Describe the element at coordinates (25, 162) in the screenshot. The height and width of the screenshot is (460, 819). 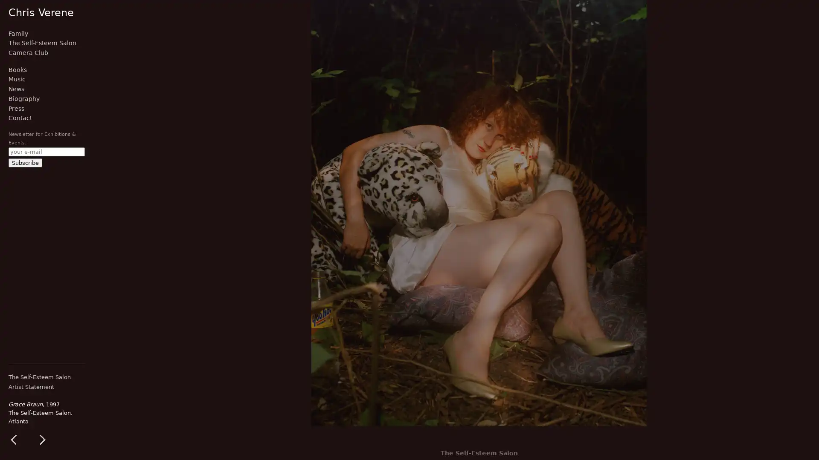
I see `Subscribe` at that location.